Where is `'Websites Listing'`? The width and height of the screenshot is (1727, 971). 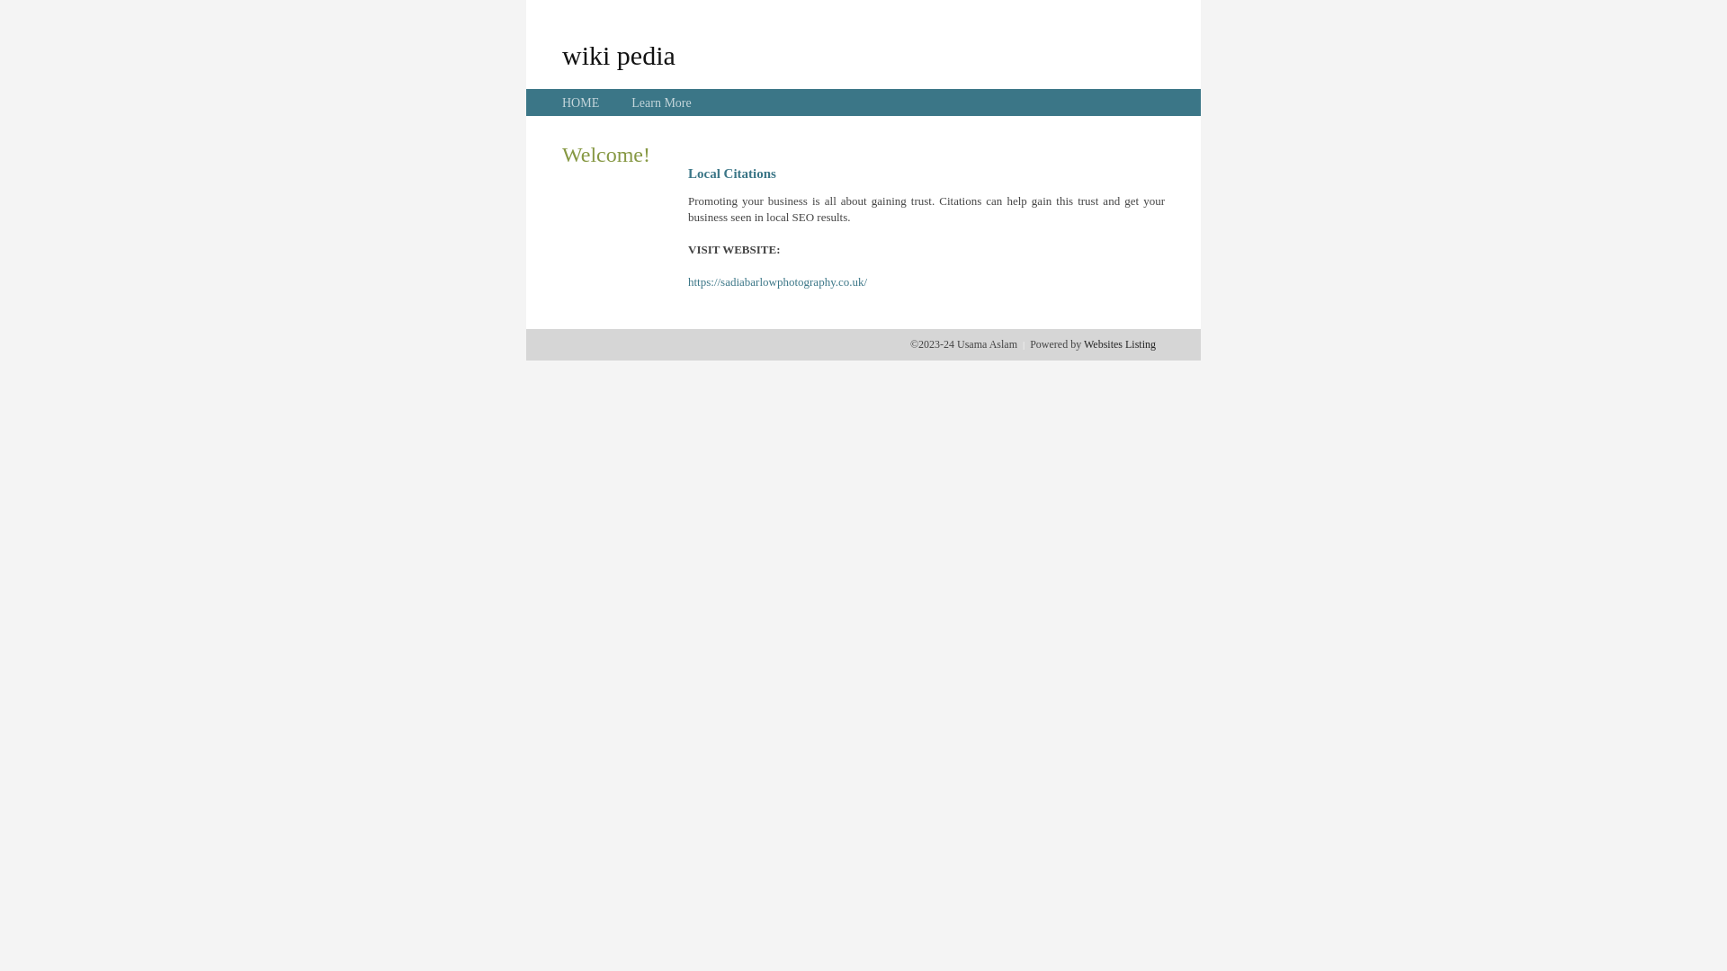 'Websites Listing' is located at coordinates (1082, 343).